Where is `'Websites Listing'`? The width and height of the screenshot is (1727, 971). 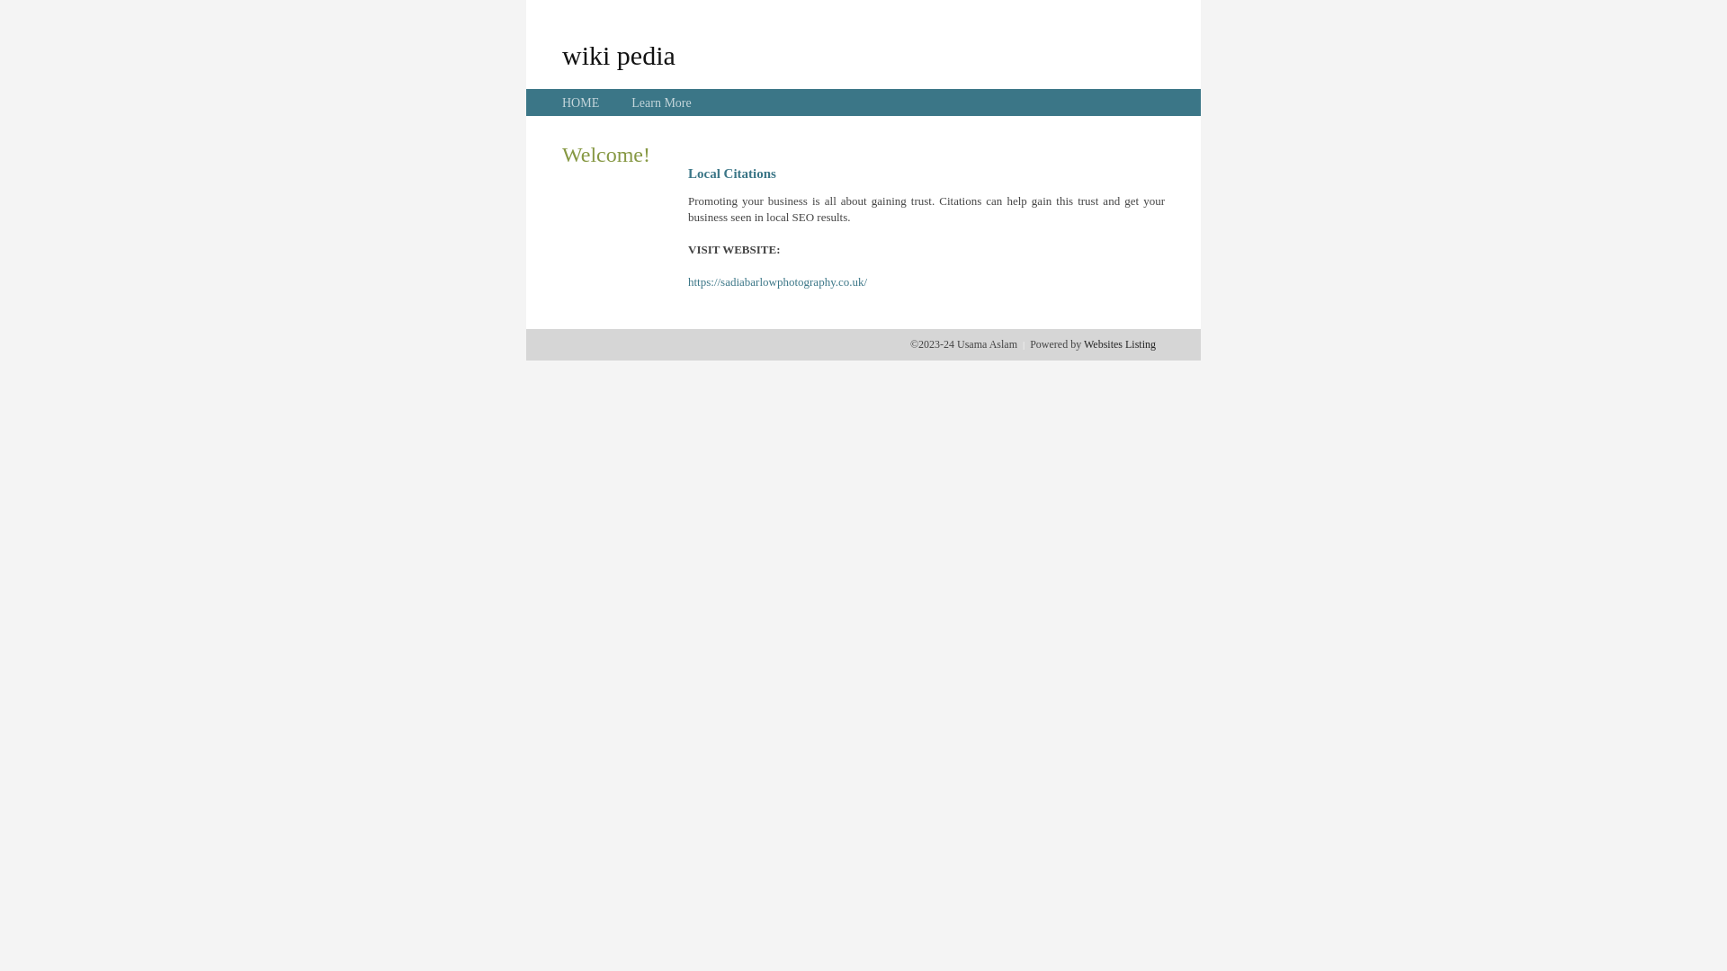 'Websites Listing' is located at coordinates (1082, 343).